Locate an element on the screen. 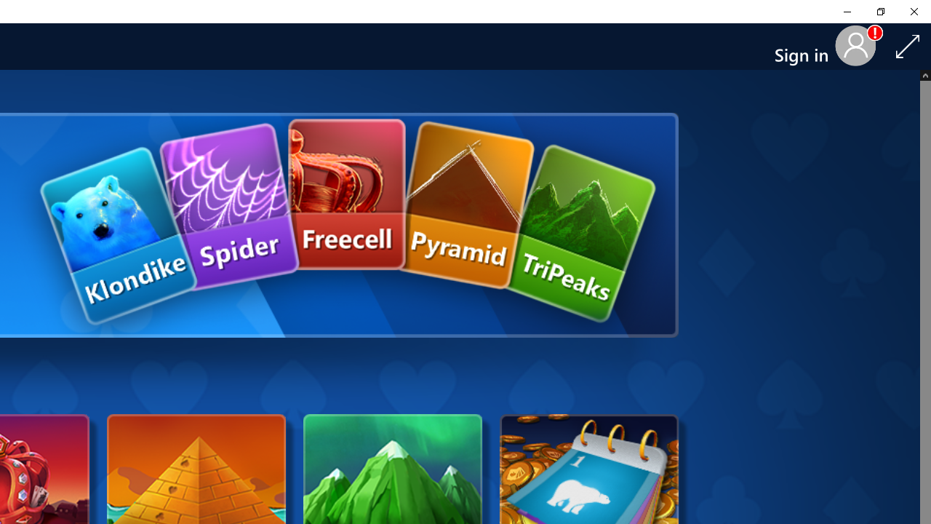 This screenshot has width=931, height=524. 'Sign in' is located at coordinates (806, 46).